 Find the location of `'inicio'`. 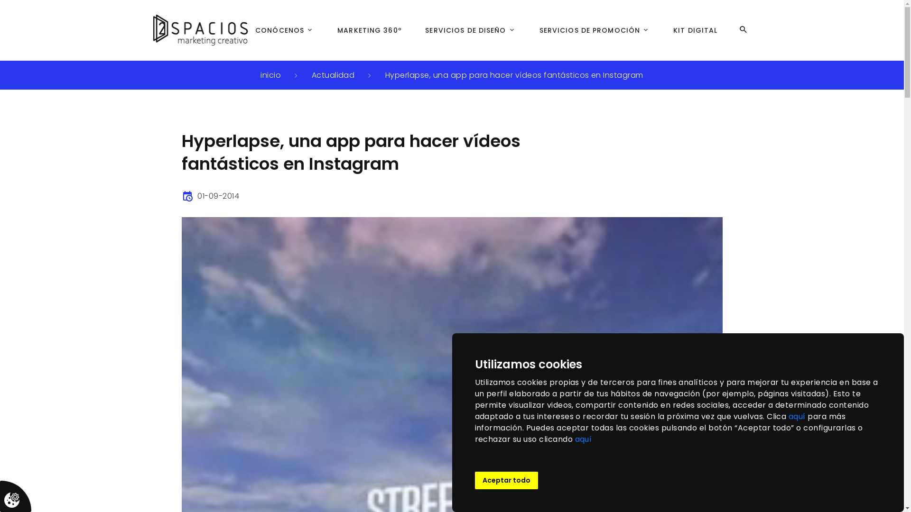

'inicio' is located at coordinates (270, 74).